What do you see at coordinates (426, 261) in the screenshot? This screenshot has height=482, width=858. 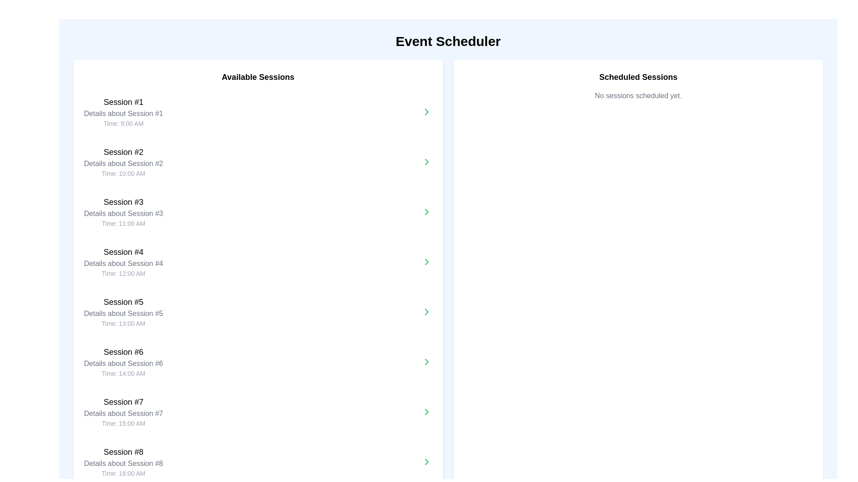 I see `the chevron icon pointing to the right that signifies an actionable item related to 'Session #4'` at bounding box center [426, 261].